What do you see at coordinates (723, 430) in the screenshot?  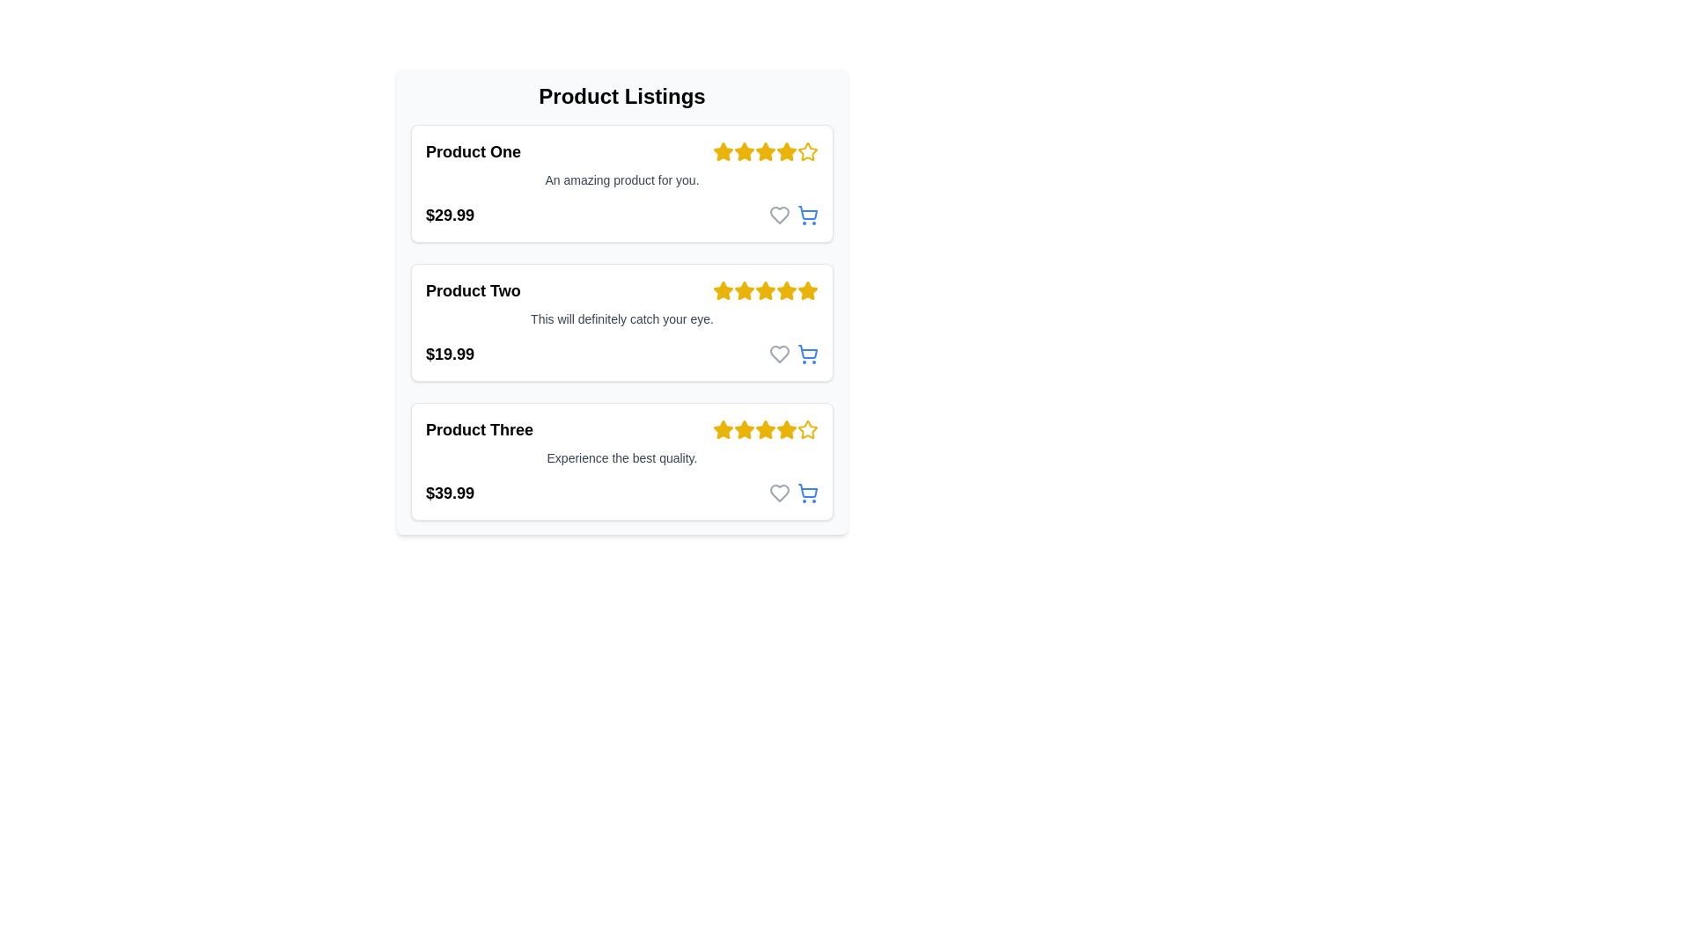 I see `the first star icon in the rating system located in the 'Product Three' section under 'Product Listings'` at bounding box center [723, 430].